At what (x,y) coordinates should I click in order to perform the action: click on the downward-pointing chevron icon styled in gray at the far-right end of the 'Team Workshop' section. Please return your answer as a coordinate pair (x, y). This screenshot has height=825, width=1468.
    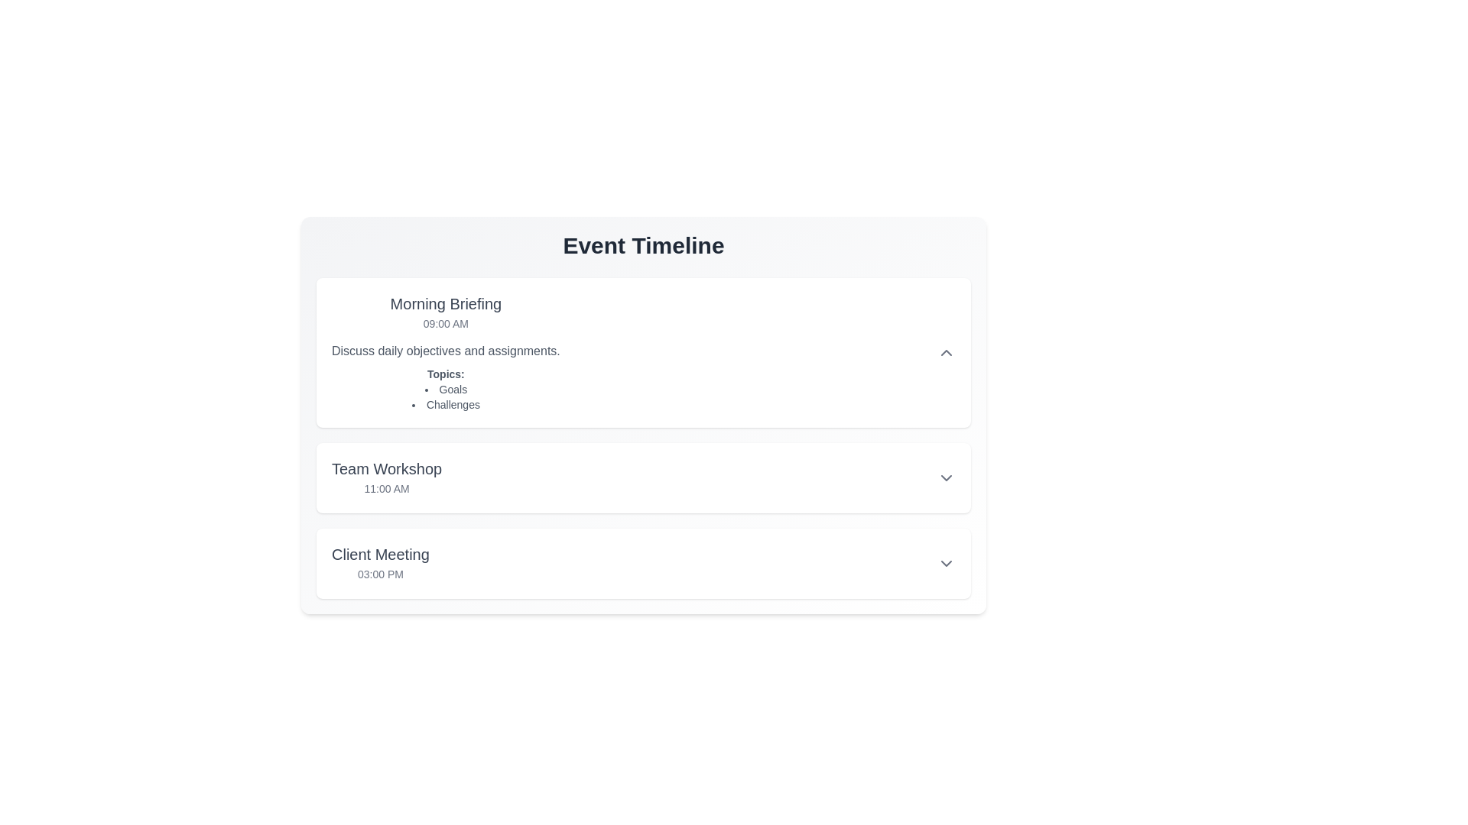
    Looking at the image, I should click on (946, 477).